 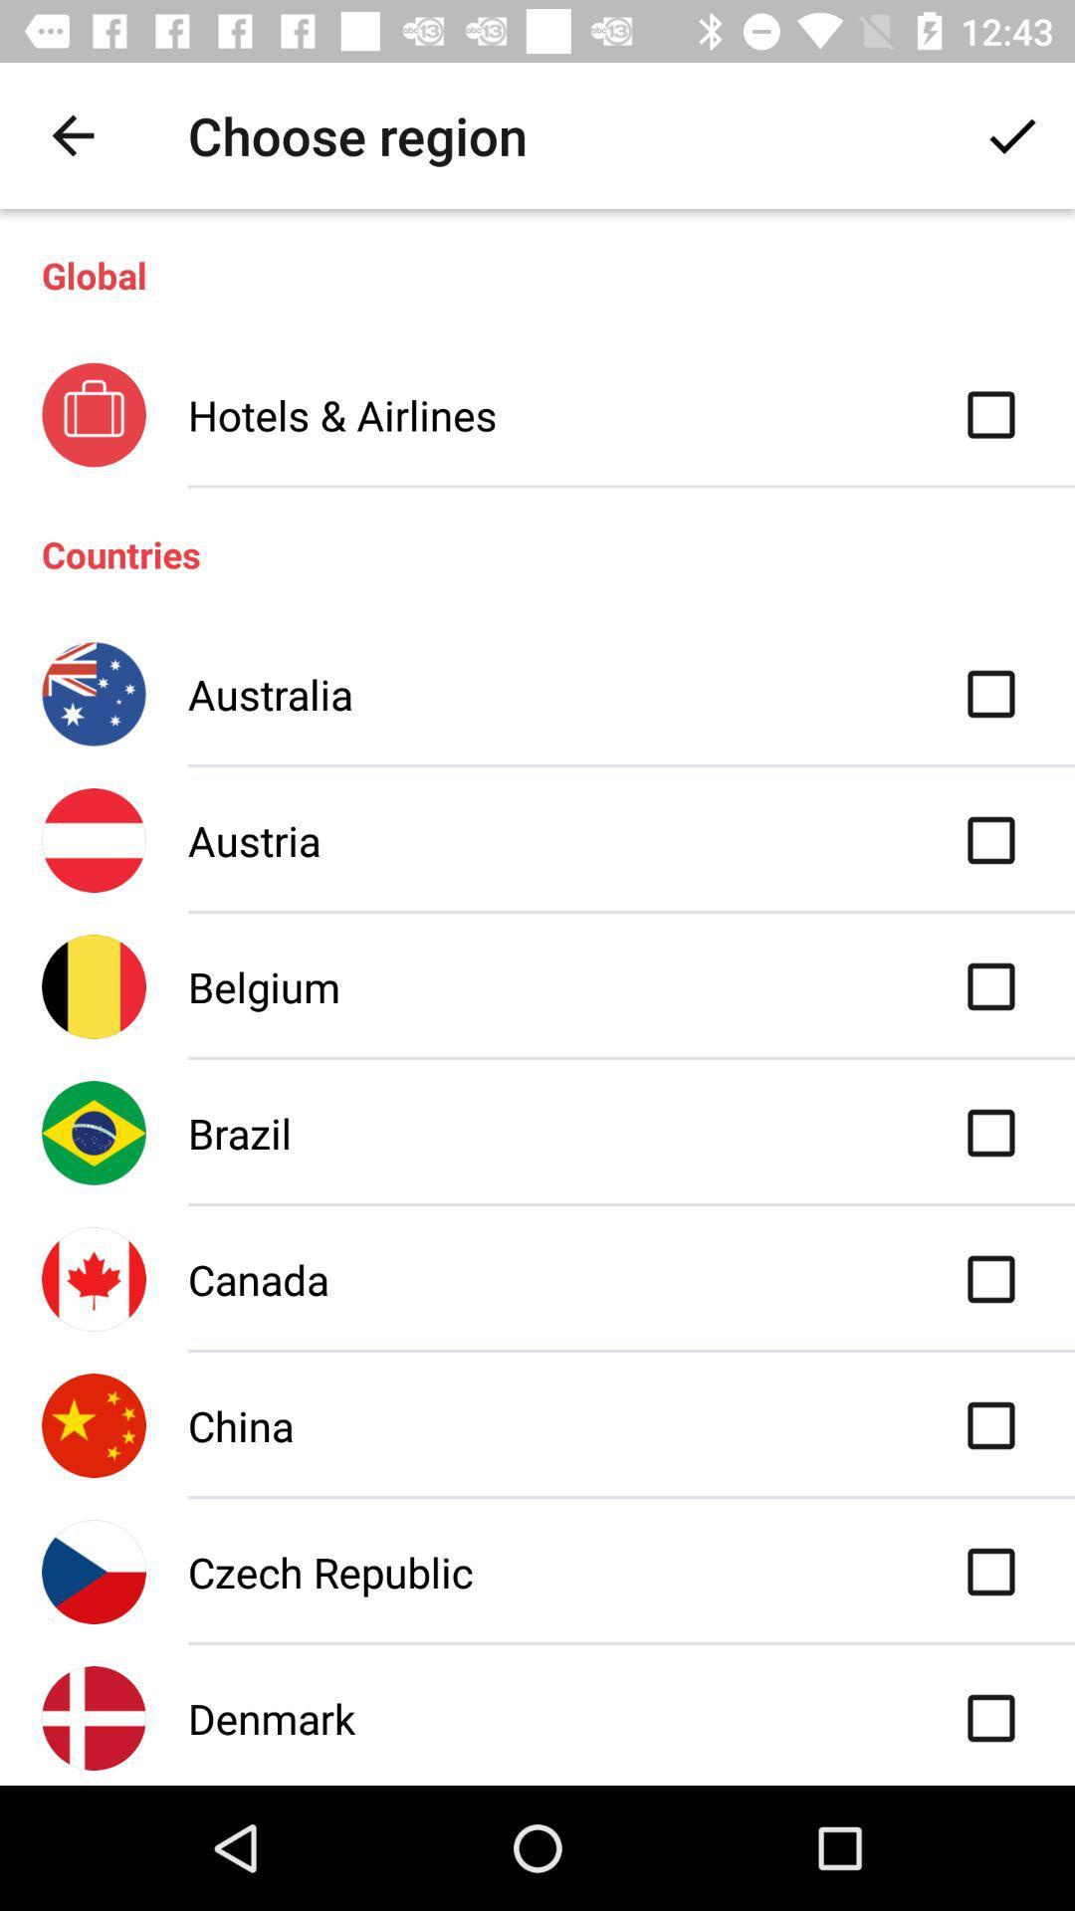 I want to click on the item next to choose region, so click(x=72, y=134).